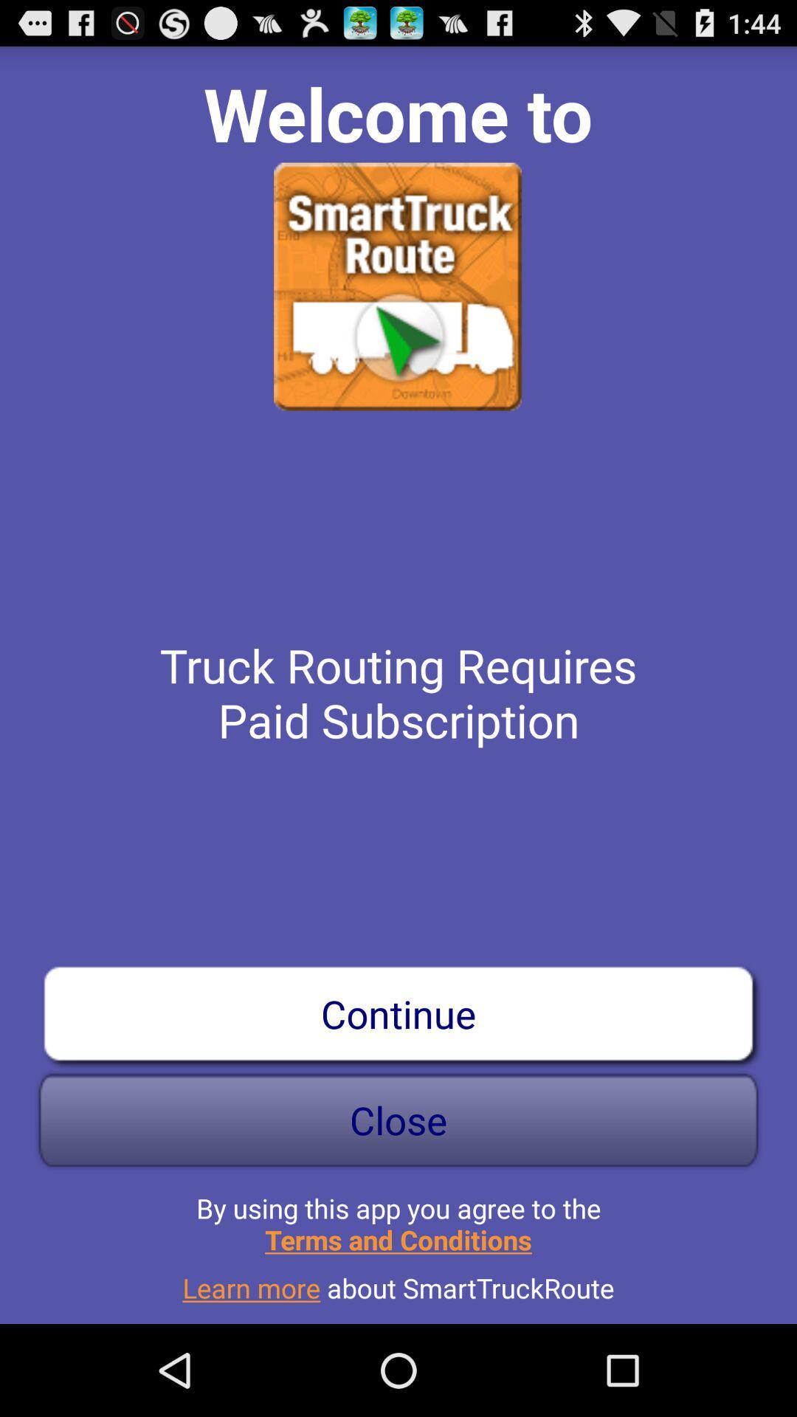 The width and height of the screenshot is (797, 1417). Describe the element at coordinates (398, 1120) in the screenshot. I see `the icon below the continue` at that location.